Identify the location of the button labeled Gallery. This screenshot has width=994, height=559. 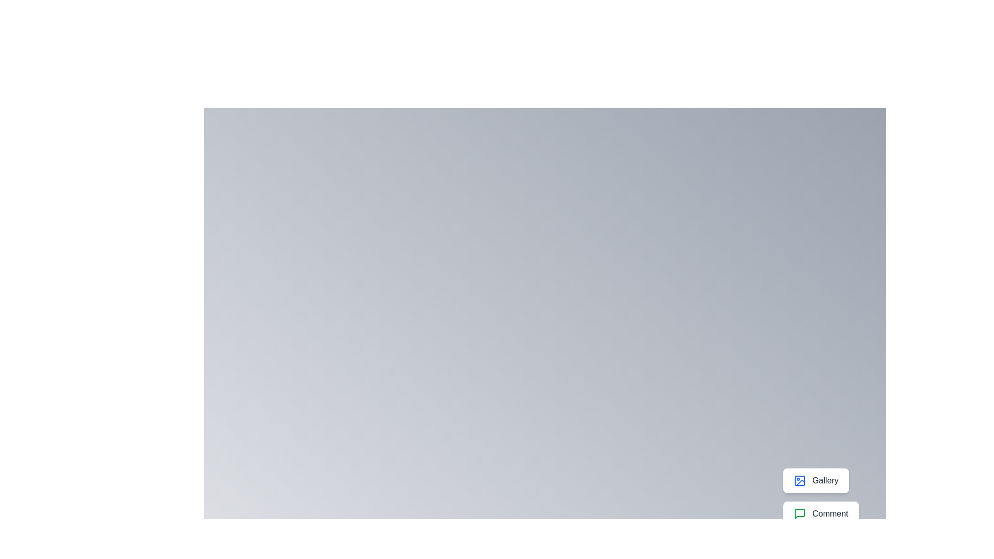
(815, 481).